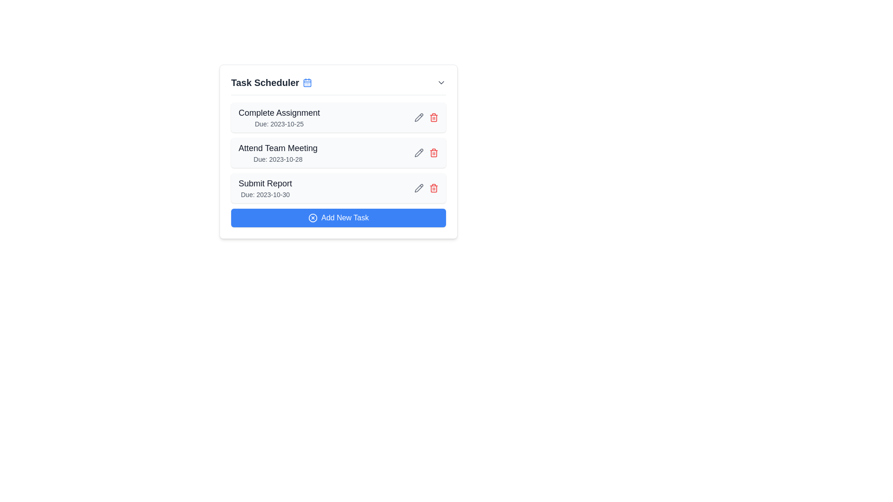  Describe the element at coordinates (279, 117) in the screenshot. I see `the text element titled 'Complete Assignment' with a subtitle 'Due: 2023-10-25' located in the top item of a vertically aligned list of tasks` at that location.